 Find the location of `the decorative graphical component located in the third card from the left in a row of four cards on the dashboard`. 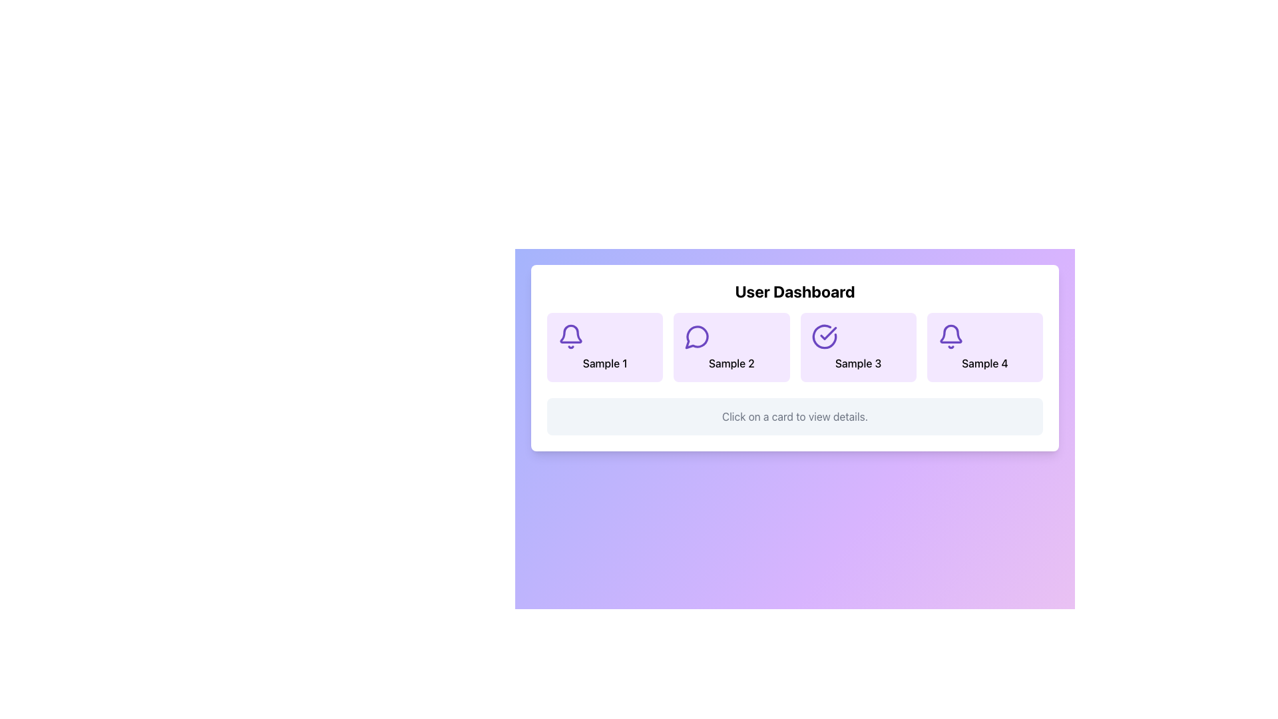

the decorative graphical component located in the third card from the left in a row of four cards on the dashboard is located at coordinates (823, 336).